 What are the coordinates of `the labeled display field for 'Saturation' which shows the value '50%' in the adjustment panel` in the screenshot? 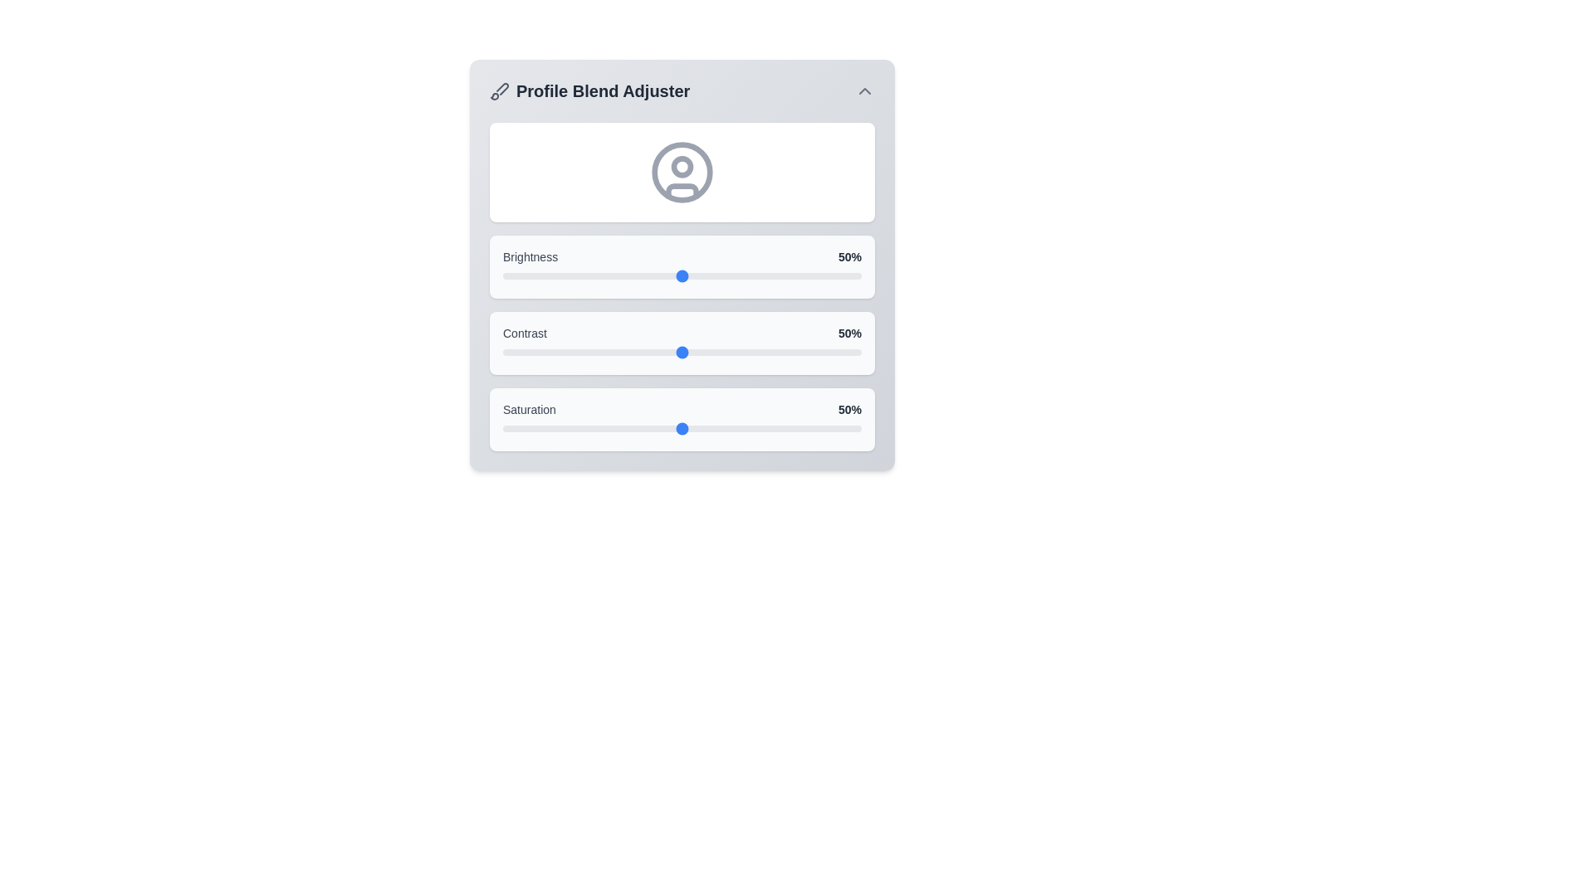 It's located at (682, 409).